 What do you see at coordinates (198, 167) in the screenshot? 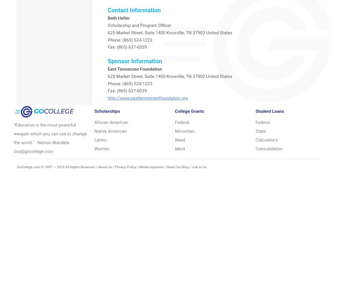
I see `'Link to Us'` at bounding box center [198, 167].